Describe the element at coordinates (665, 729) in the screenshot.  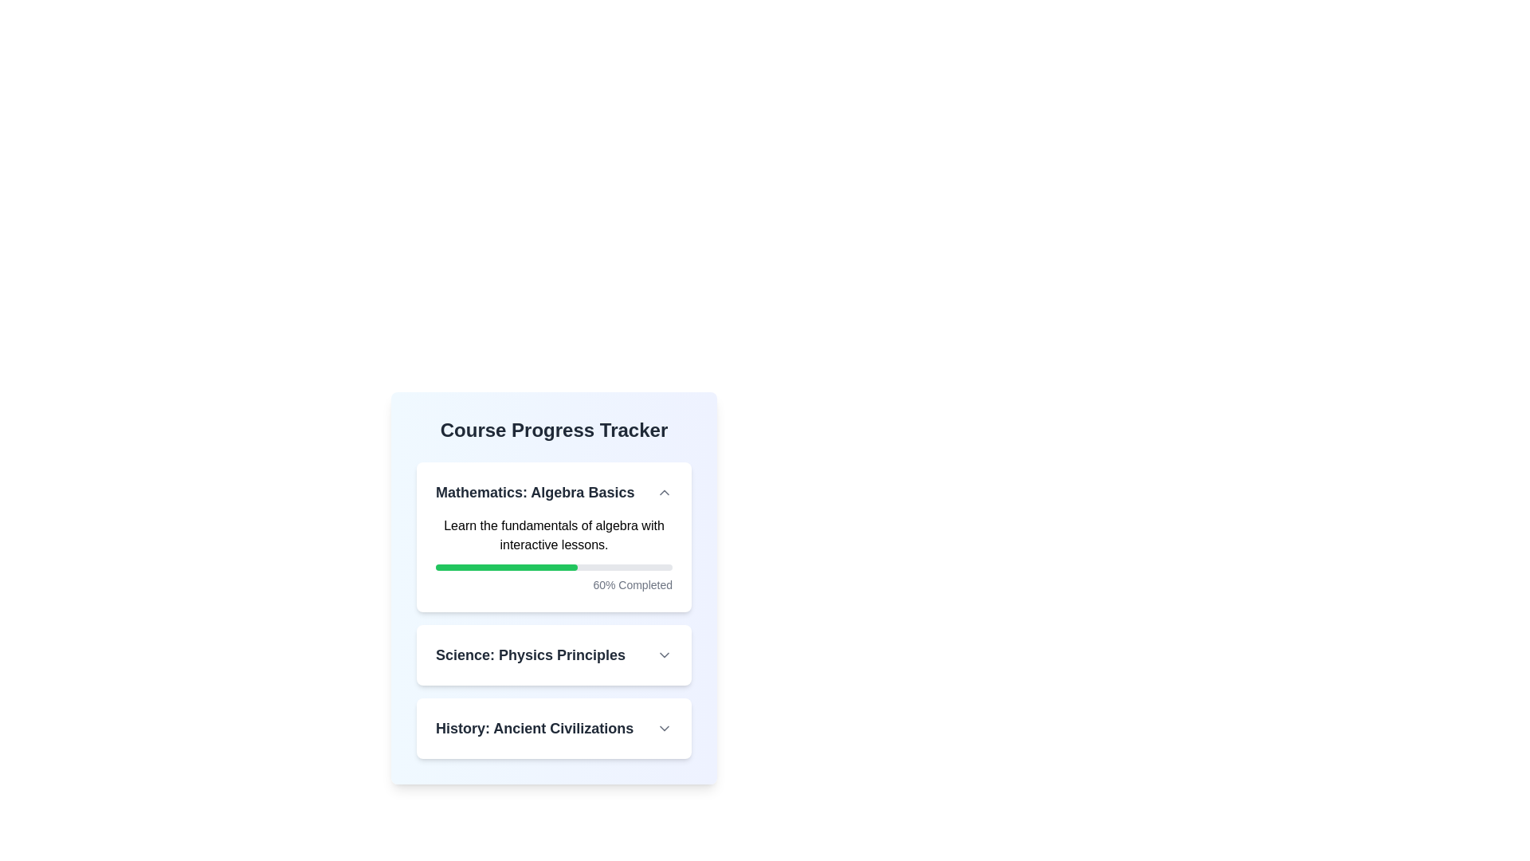
I see `the Dropdown toggle button (icon)` at that location.